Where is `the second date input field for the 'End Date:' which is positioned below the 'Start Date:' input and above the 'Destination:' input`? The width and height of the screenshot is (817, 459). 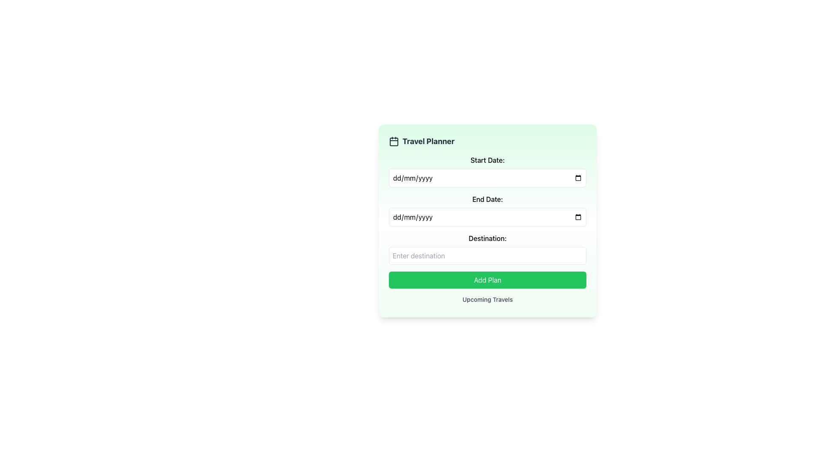 the second date input field for the 'End Date:' which is positioned below the 'Start Date:' input and above the 'Destination:' input is located at coordinates (488, 210).